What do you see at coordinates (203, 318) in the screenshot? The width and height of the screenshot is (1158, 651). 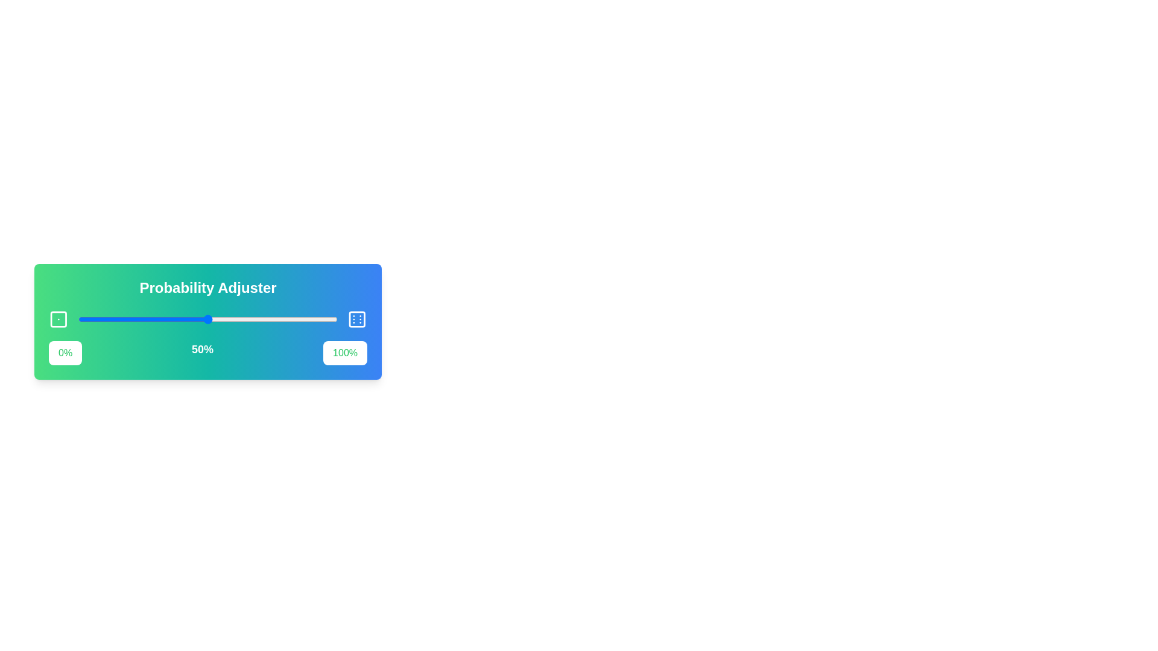 I see `the slider to set the probability to 48%` at bounding box center [203, 318].